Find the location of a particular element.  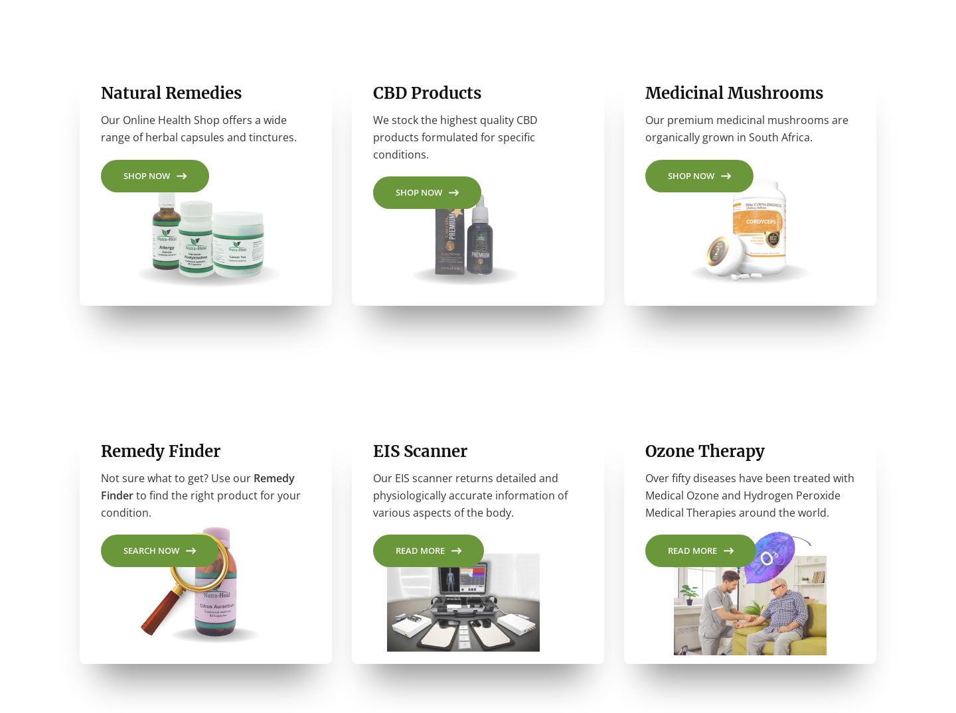

'We stock the highest quality CBD products formulated for specific conditions.' is located at coordinates (455, 141).